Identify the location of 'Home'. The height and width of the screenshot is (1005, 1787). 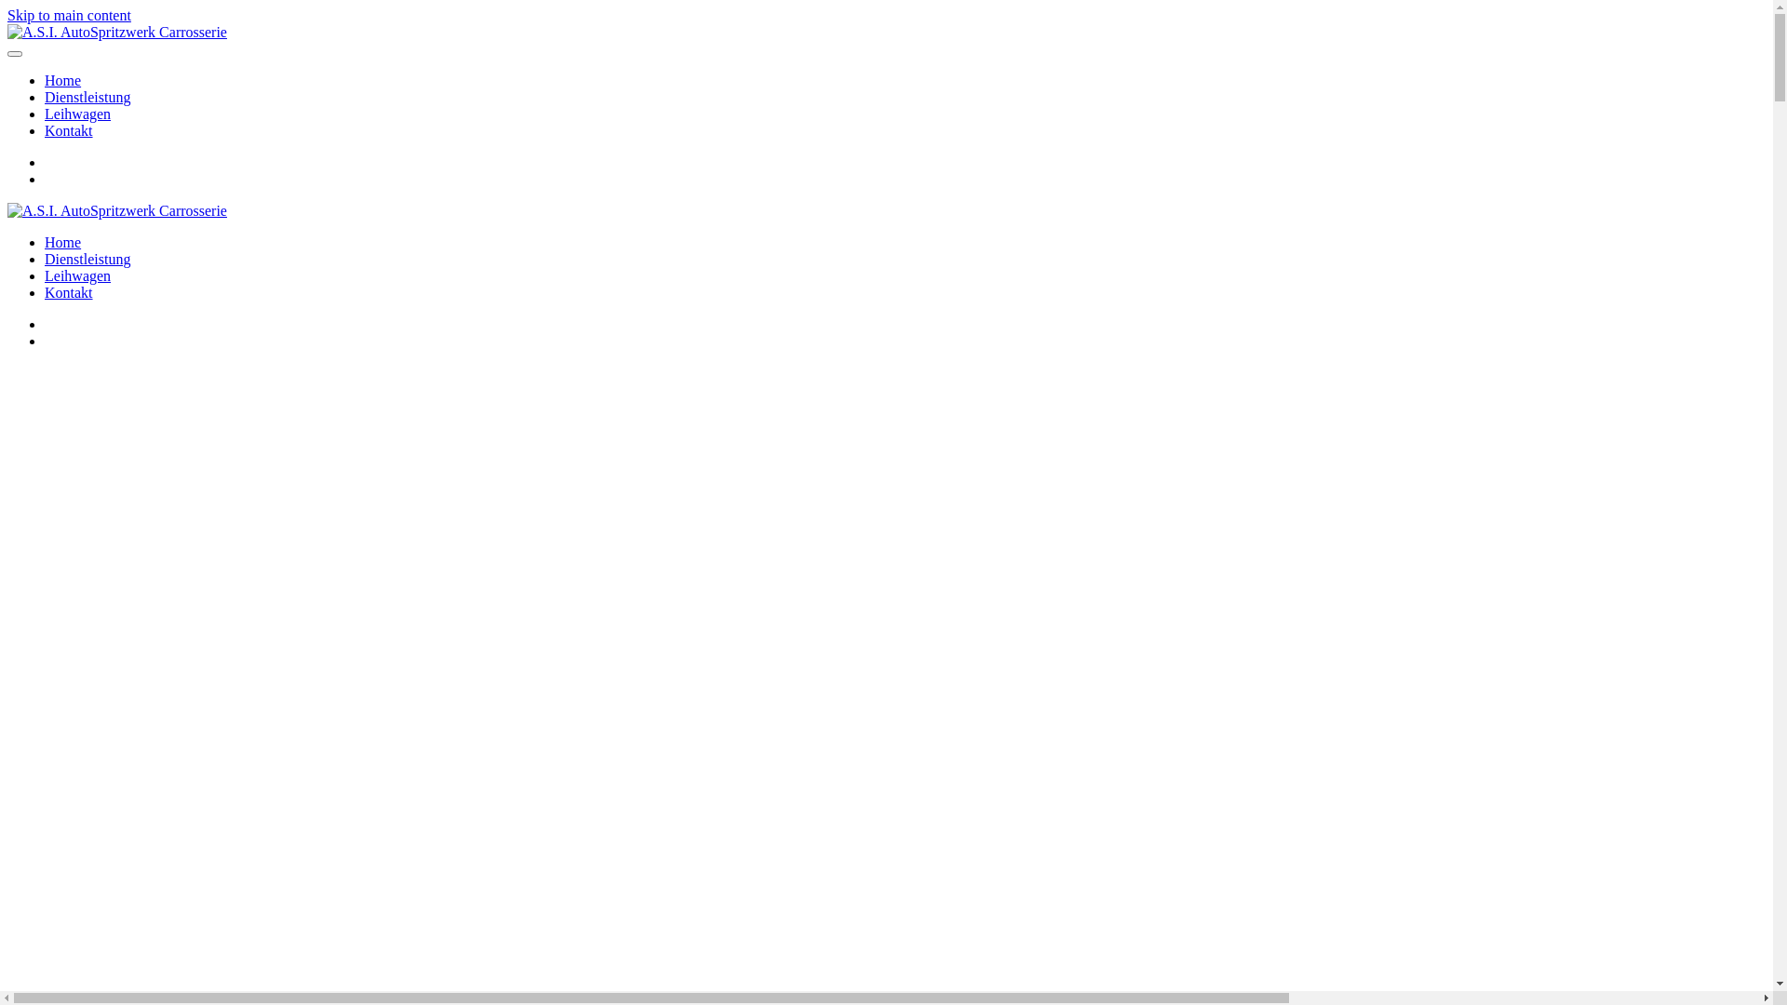
(45, 241).